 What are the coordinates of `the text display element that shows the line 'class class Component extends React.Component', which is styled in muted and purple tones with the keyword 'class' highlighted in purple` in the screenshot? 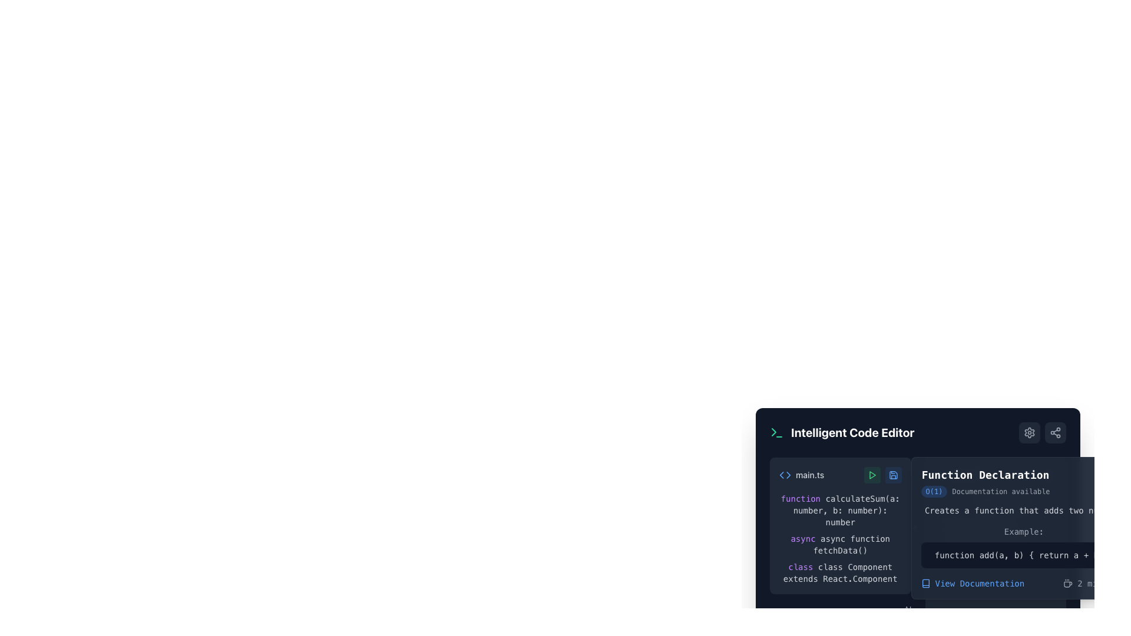 It's located at (839, 572).